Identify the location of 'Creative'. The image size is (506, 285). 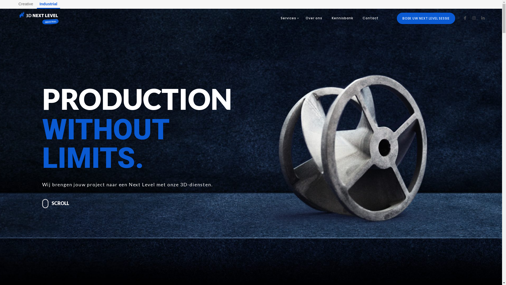
(16, 4).